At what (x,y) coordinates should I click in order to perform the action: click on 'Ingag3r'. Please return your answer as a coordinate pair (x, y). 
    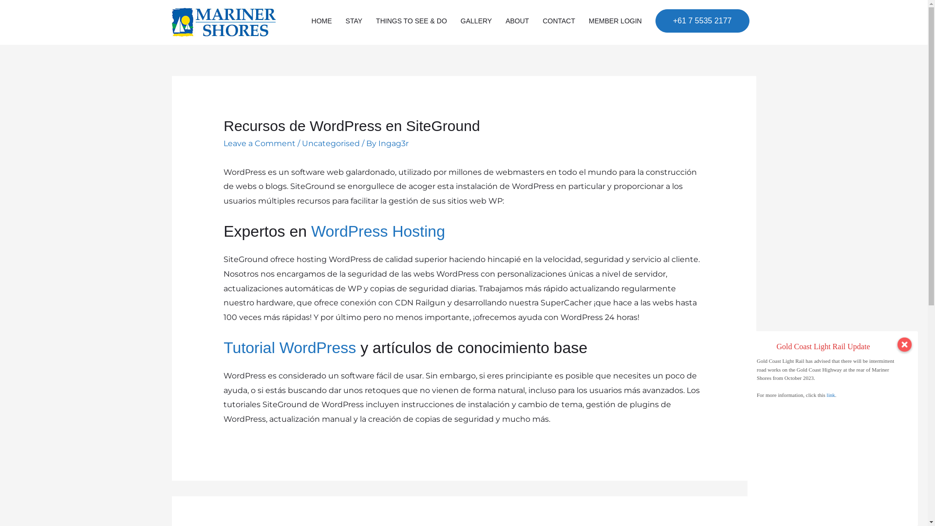
    Looking at the image, I should click on (393, 143).